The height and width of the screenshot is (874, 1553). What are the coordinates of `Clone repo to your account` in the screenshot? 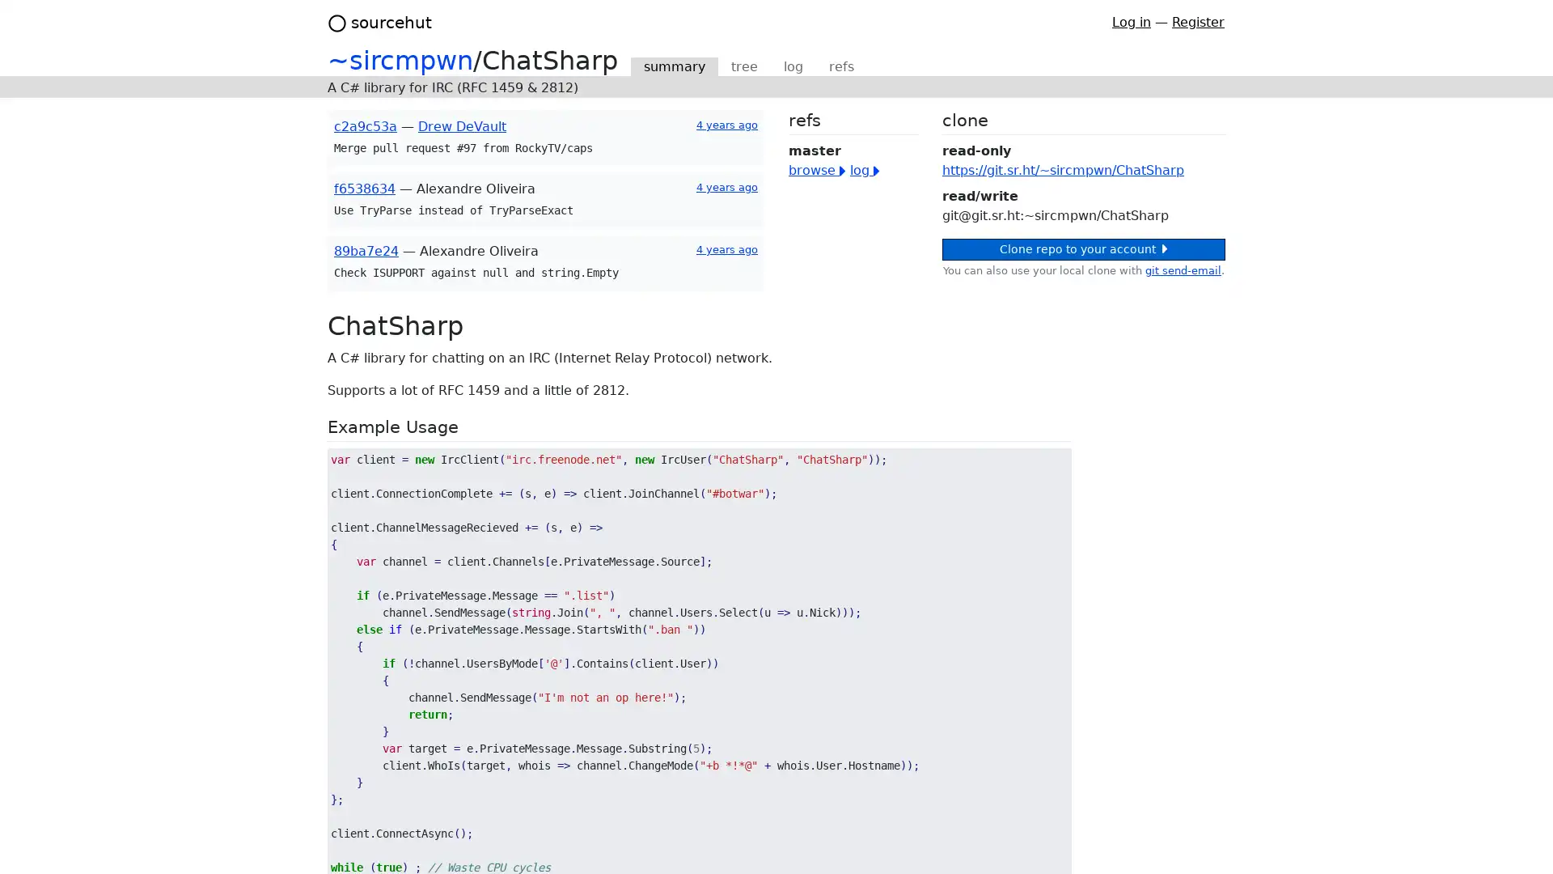 It's located at (1083, 249).